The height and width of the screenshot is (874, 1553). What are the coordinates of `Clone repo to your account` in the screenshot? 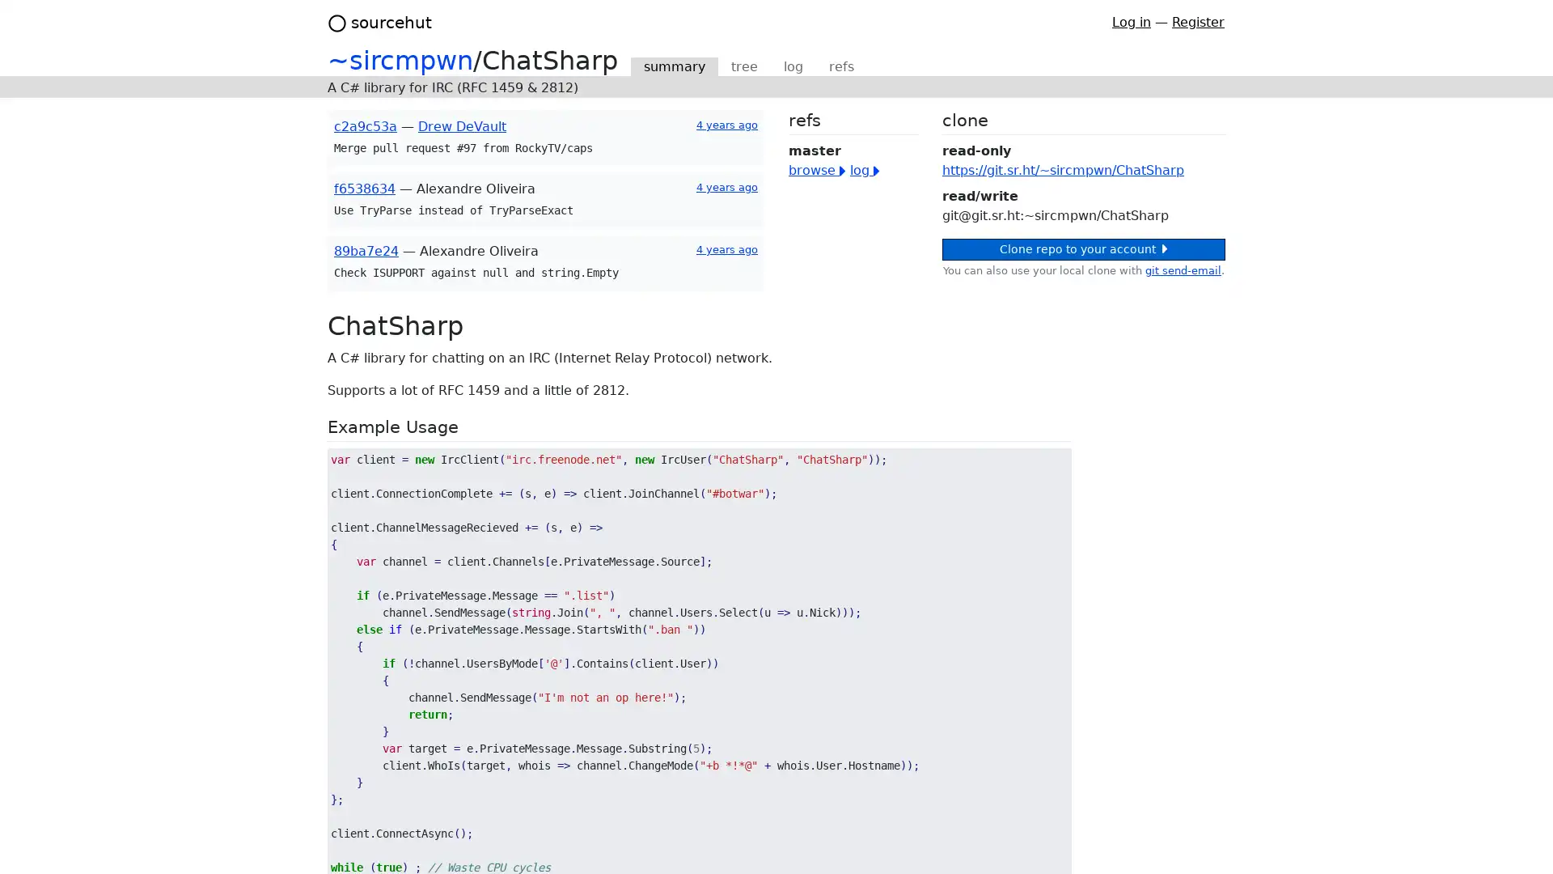 It's located at (1083, 249).